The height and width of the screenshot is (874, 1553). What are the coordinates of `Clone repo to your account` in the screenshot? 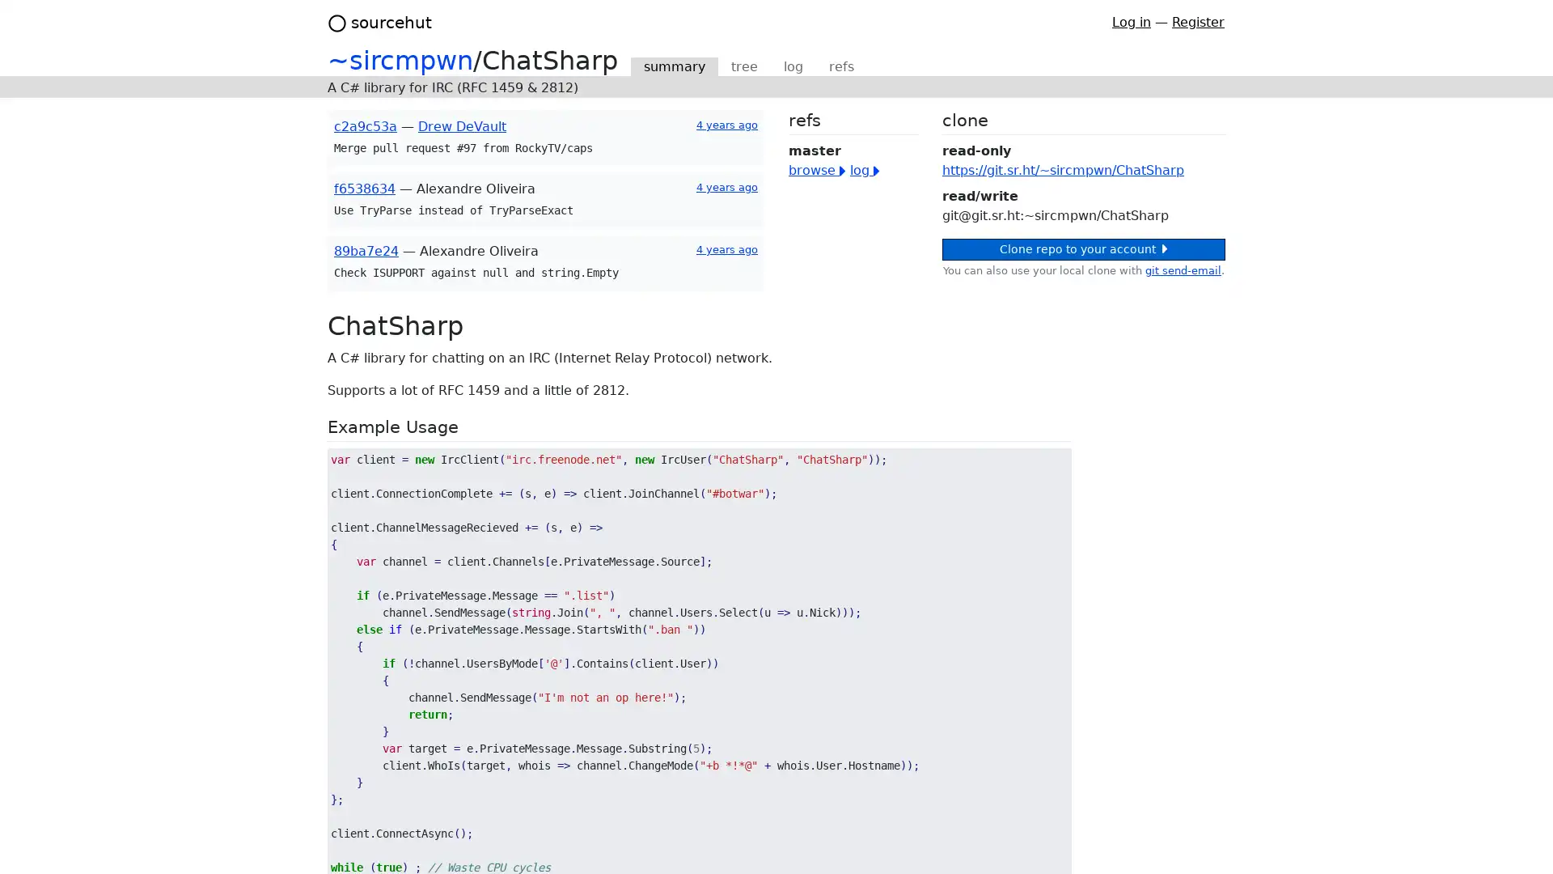 It's located at (1083, 249).